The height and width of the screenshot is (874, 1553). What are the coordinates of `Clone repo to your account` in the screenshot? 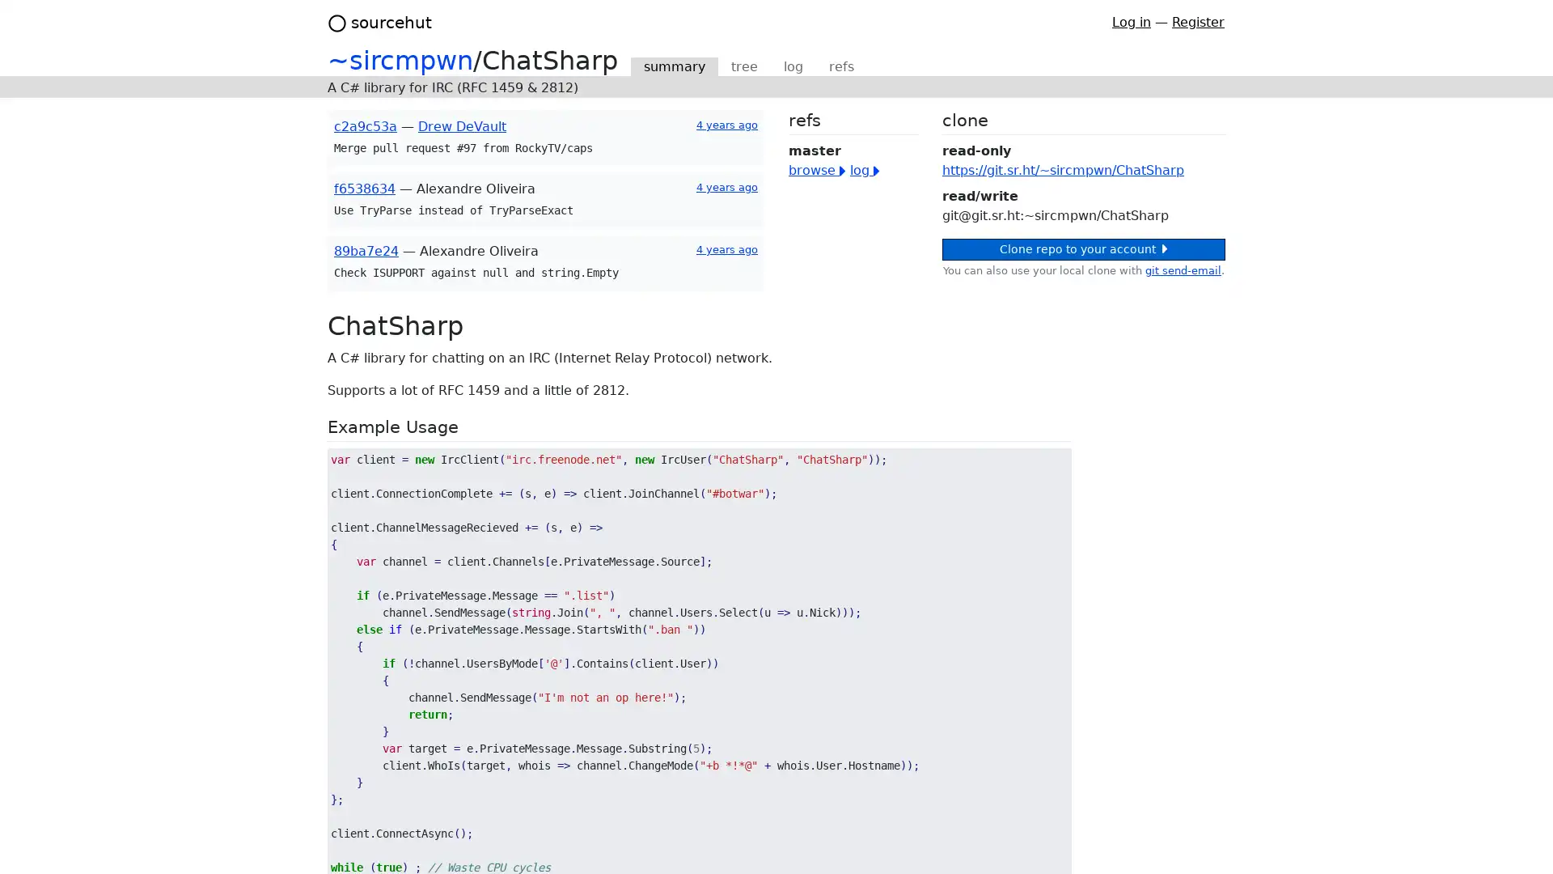 It's located at (1083, 249).